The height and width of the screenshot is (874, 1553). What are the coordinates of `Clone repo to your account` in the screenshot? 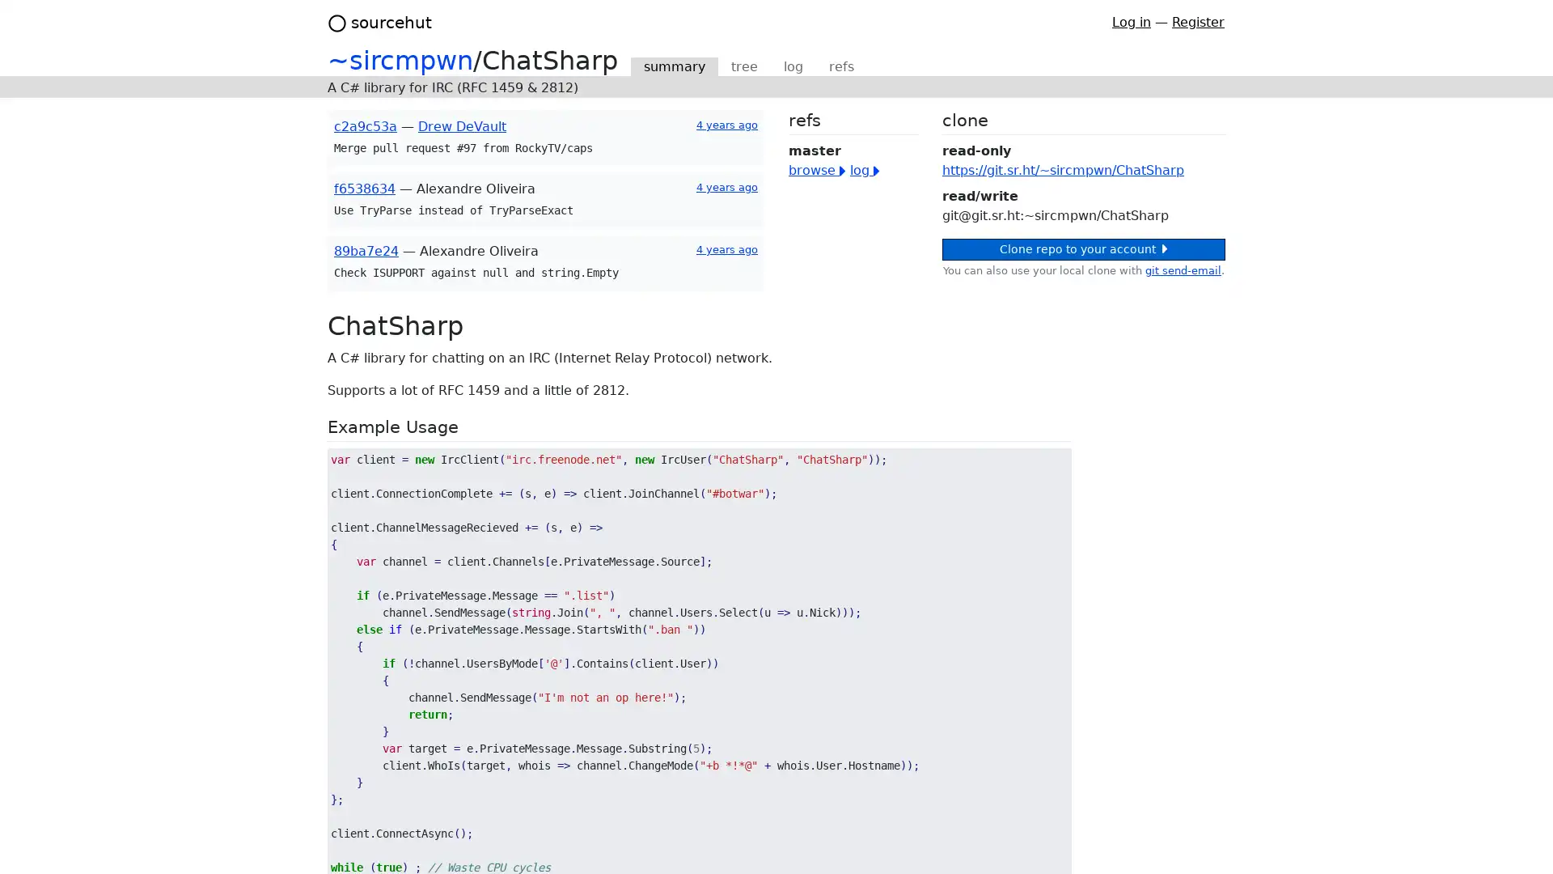 It's located at (1083, 249).